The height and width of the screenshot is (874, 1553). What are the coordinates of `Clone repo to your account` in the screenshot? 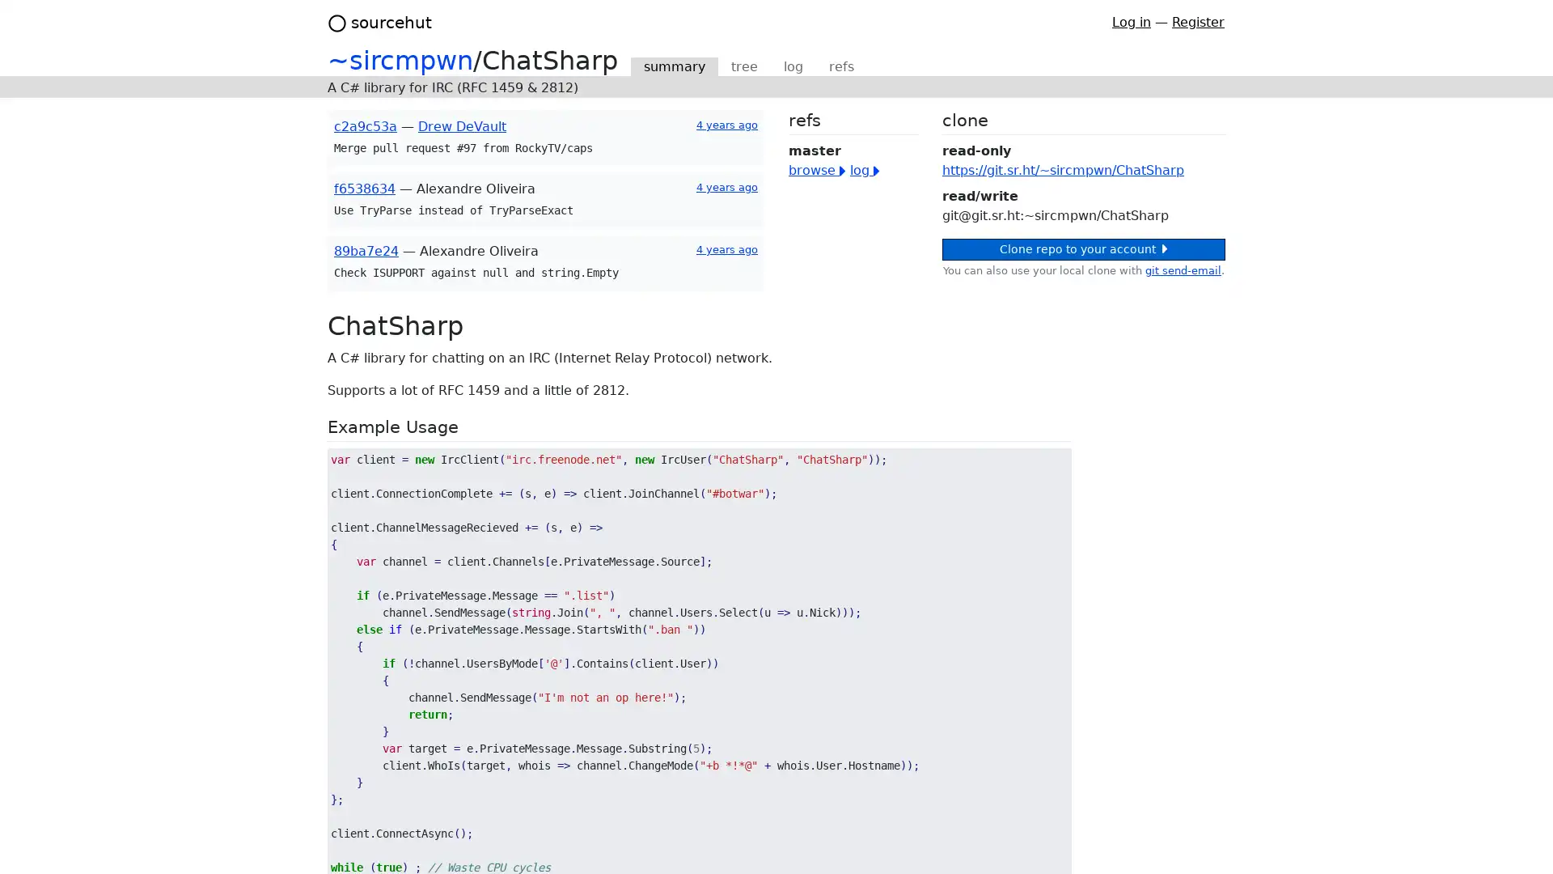 It's located at (1083, 249).